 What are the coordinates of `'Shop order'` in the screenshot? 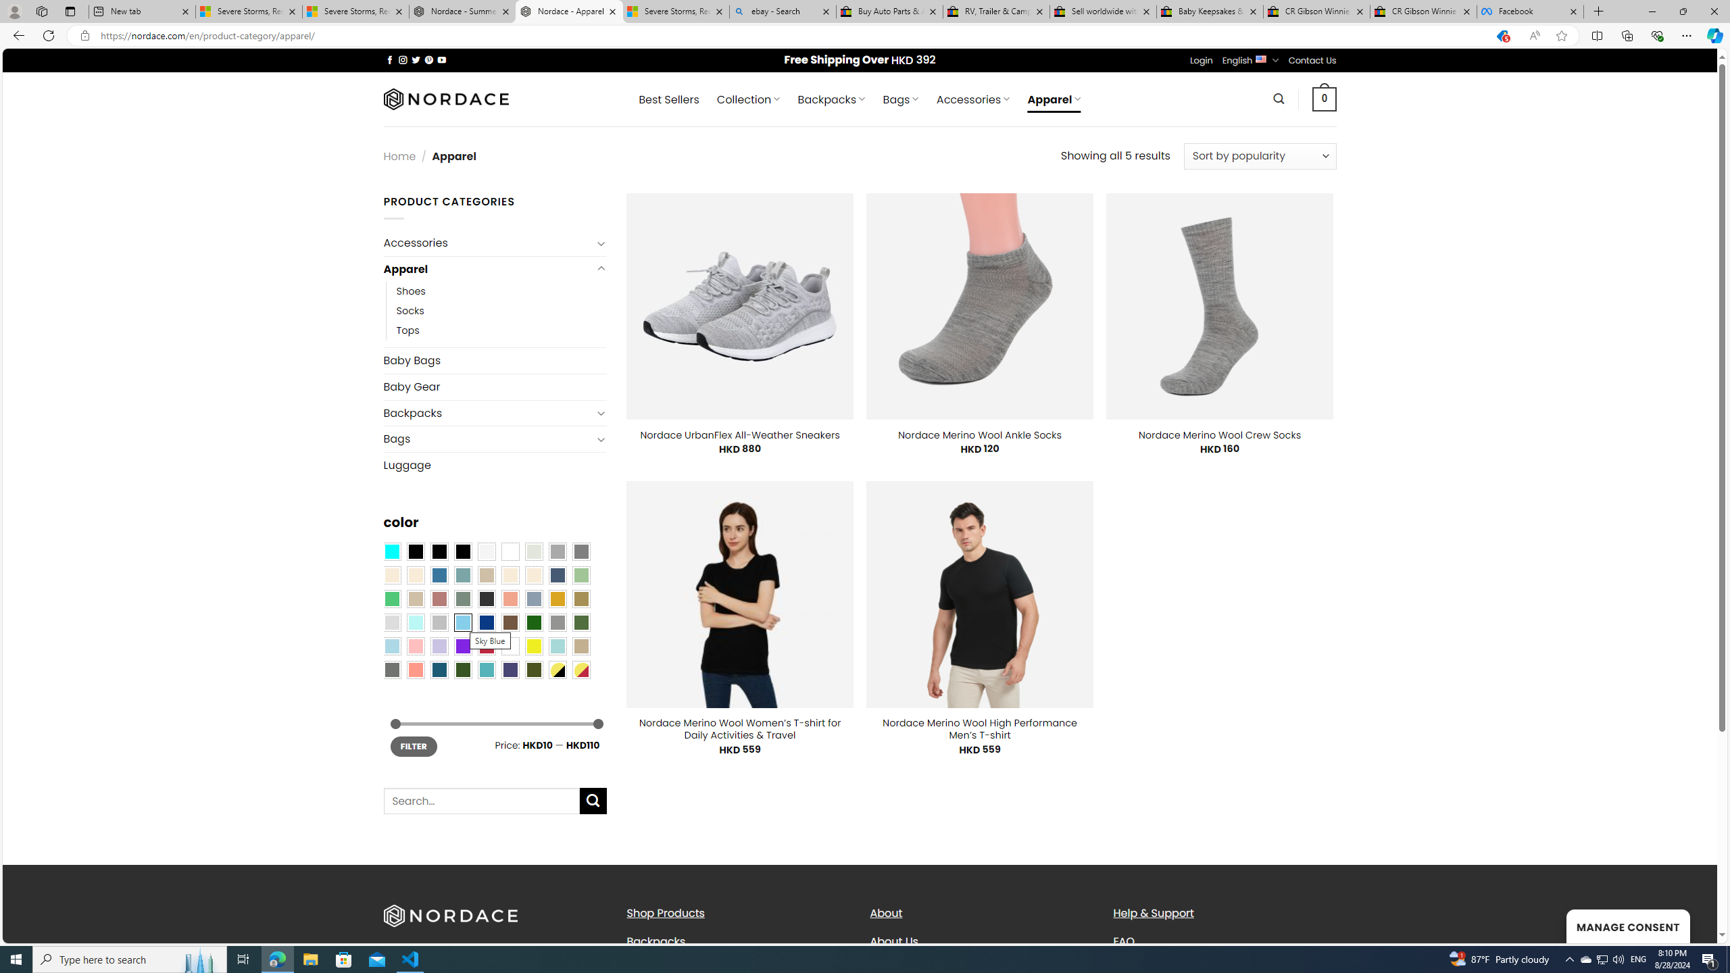 It's located at (1259, 155).